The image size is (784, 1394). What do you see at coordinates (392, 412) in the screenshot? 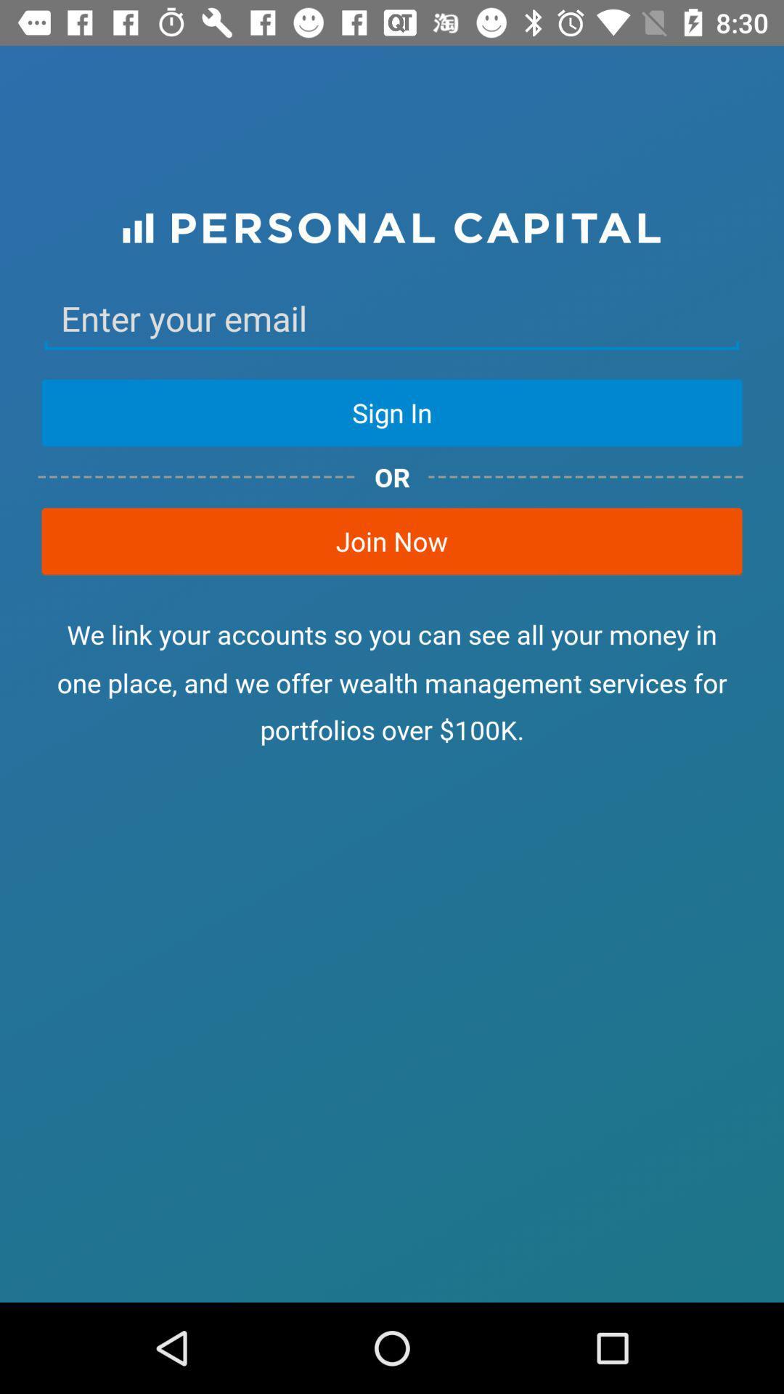
I see `the sign in` at bounding box center [392, 412].